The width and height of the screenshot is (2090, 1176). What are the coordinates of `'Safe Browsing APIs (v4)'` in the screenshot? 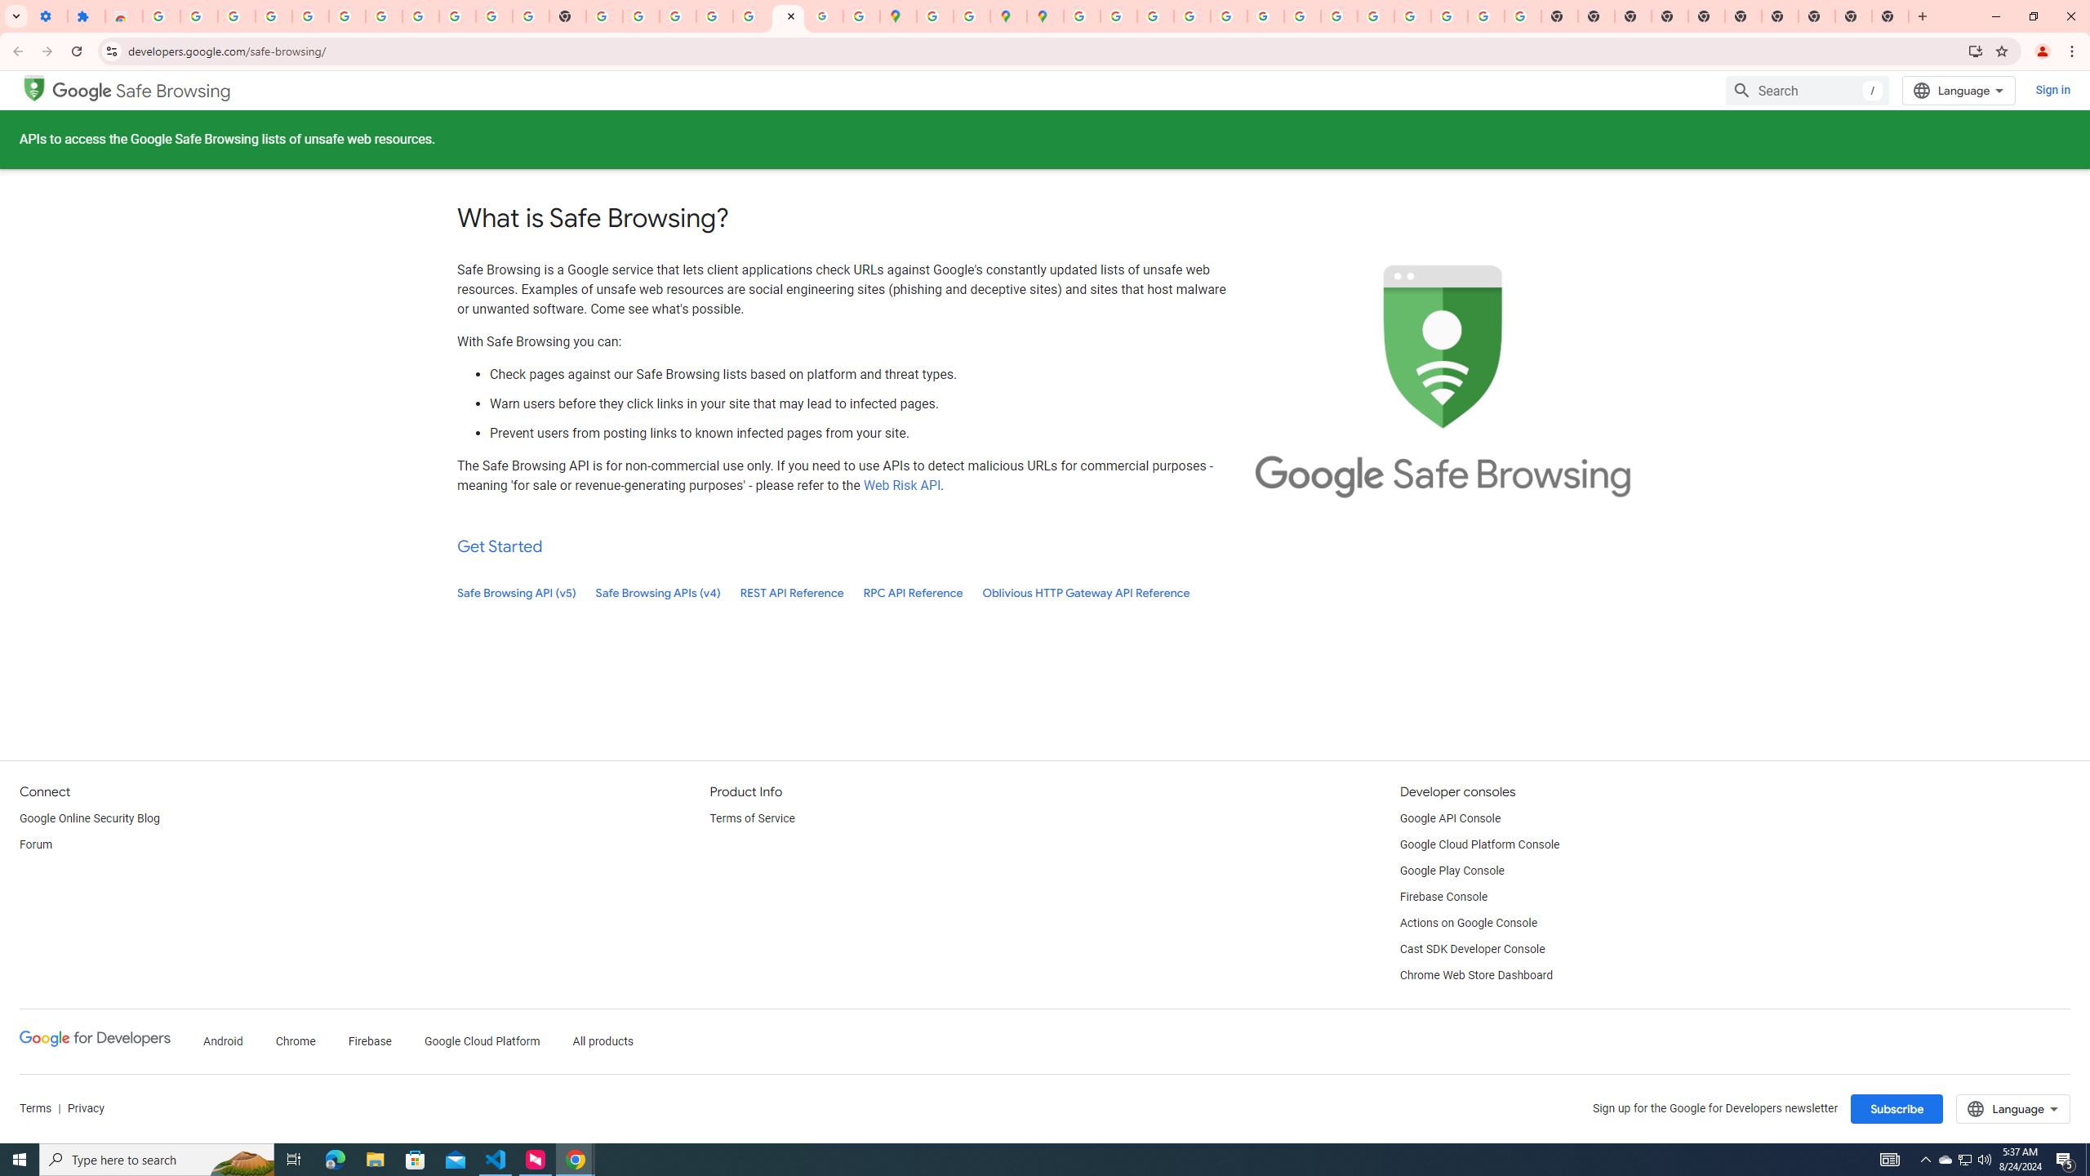 It's located at (658, 592).